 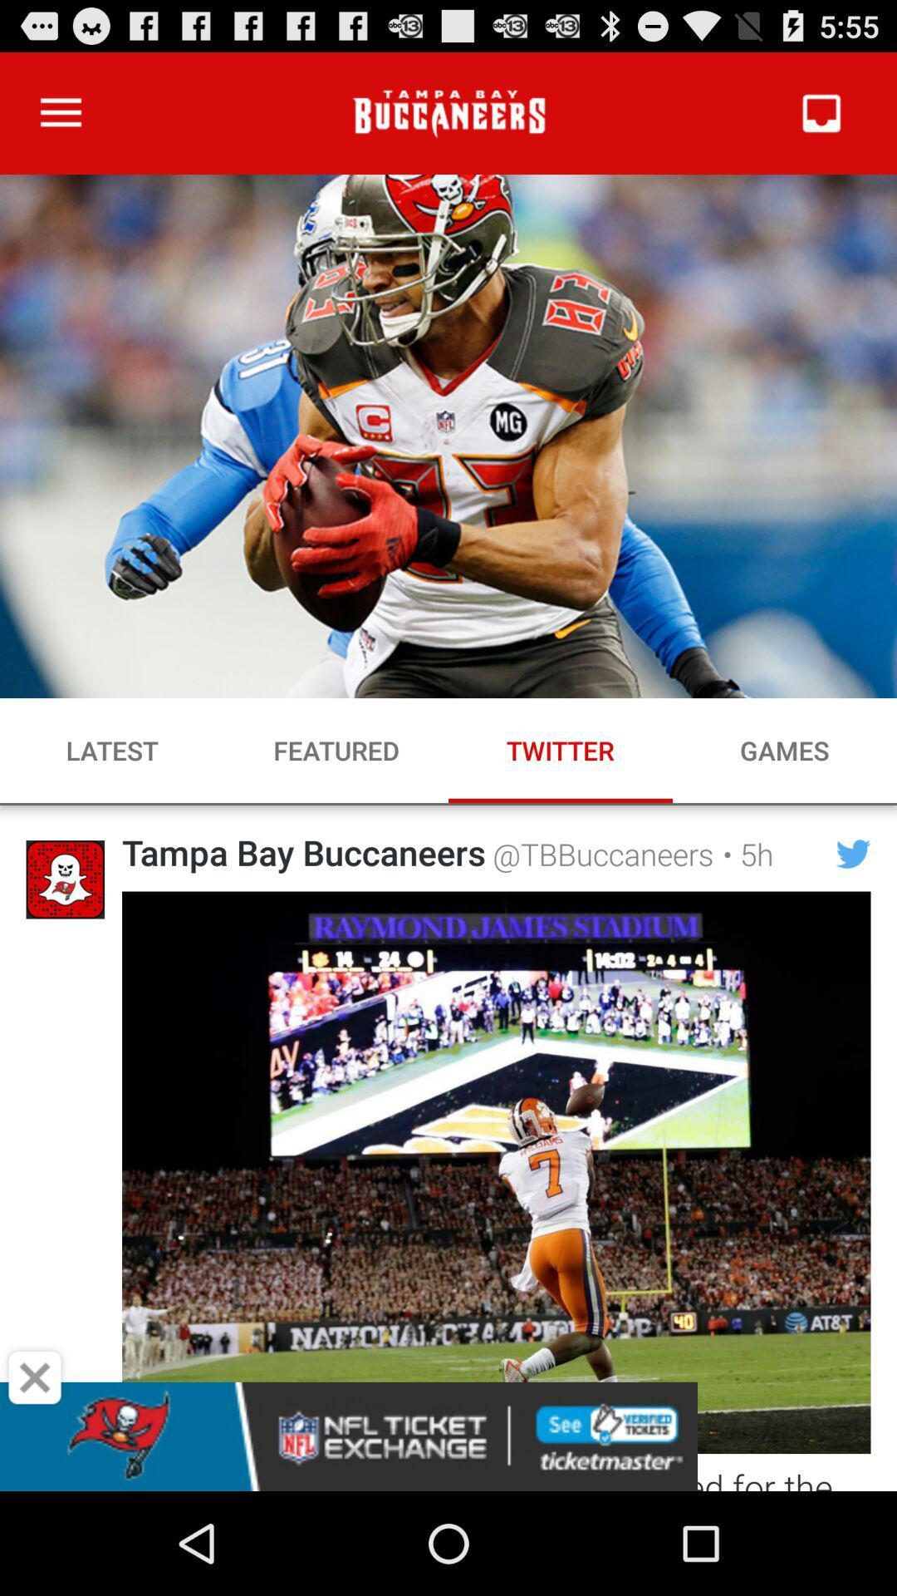 What do you see at coordinates (35, 1377) in the screenshot?
I see `advertisement` at bounding box center [35, 1377].